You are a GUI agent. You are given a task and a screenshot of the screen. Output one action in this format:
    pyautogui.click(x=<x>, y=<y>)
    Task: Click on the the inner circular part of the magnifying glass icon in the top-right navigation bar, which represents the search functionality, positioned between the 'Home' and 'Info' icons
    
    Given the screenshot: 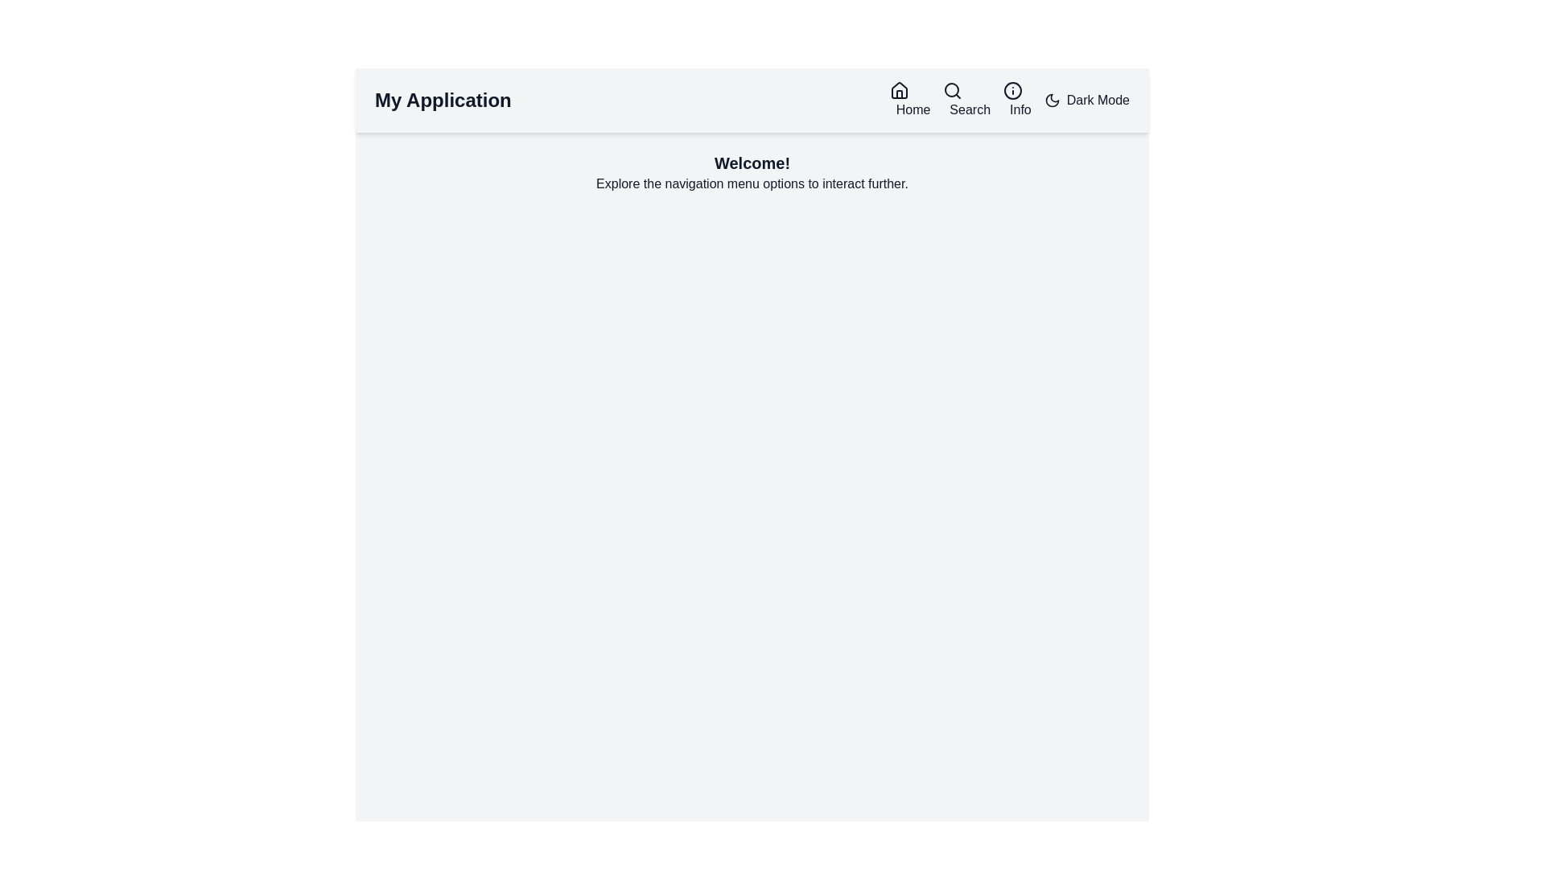 What is the action you would take?
    pyautogui.click(x=952, y=89)
    